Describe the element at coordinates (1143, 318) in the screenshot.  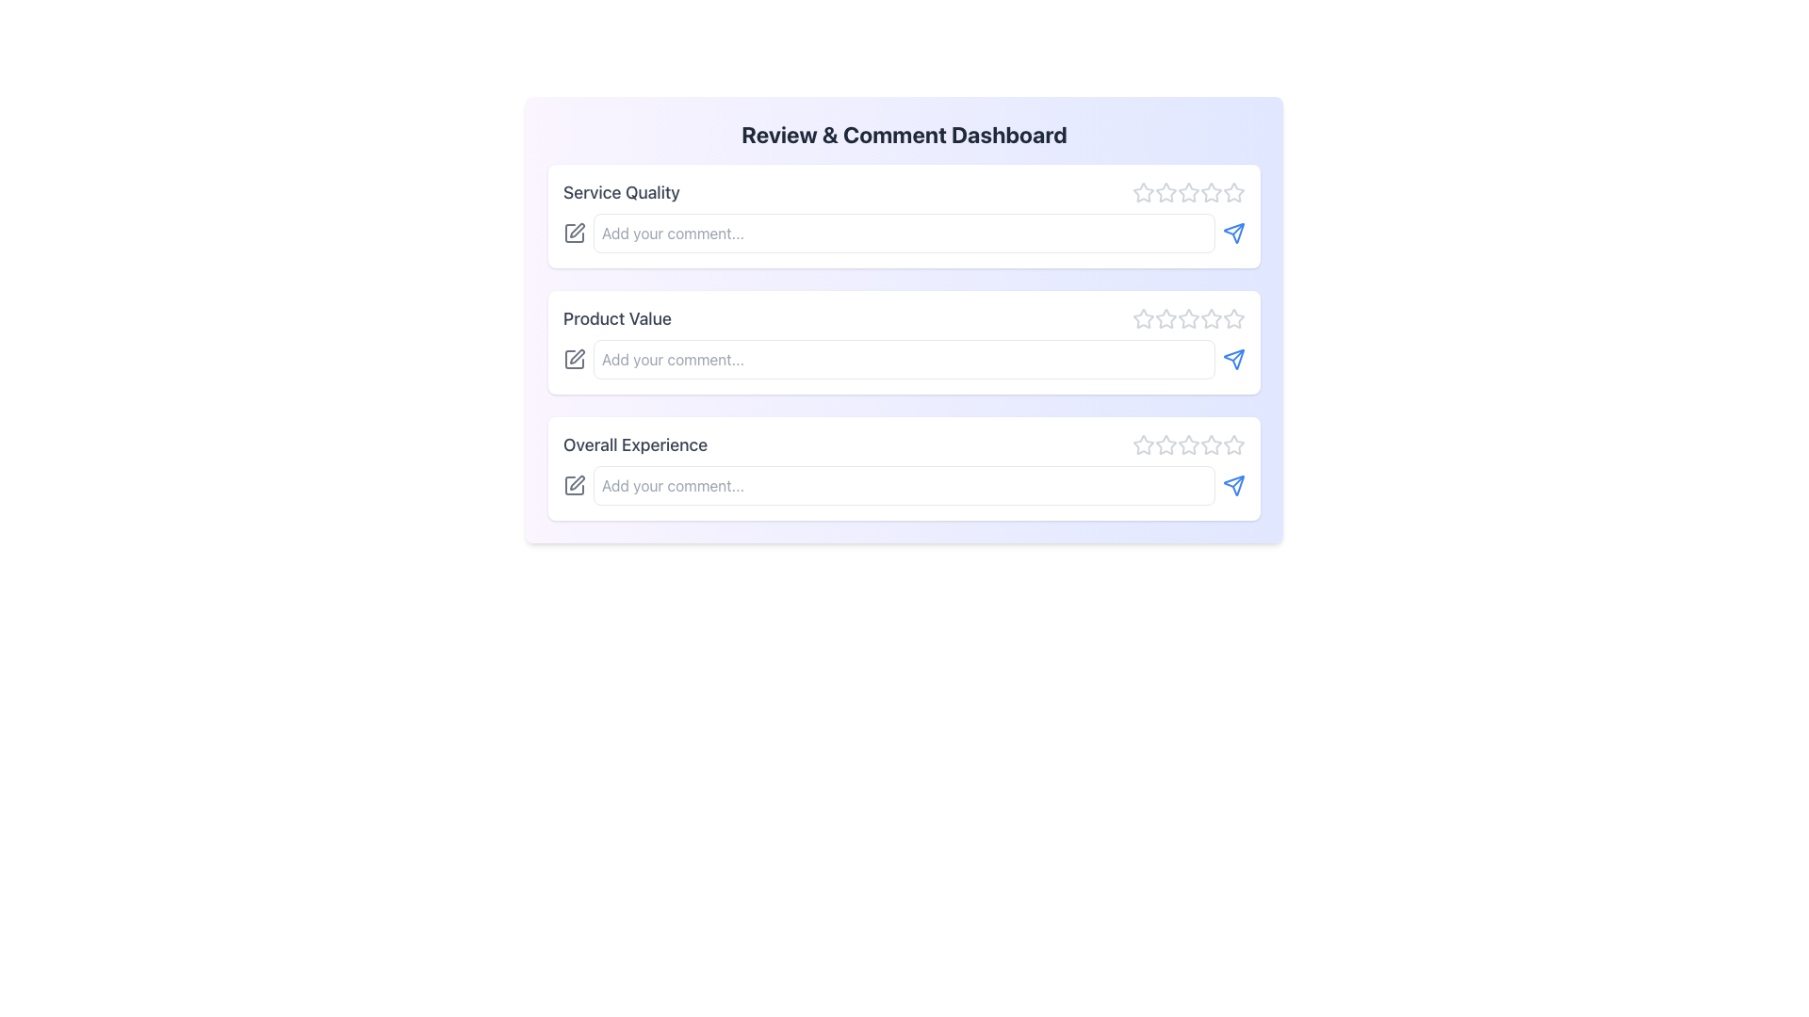
I see `the first star in the 5-star rating group for the 'Product Value' section of the dashboard to indicate a 1-star rating` at that location.